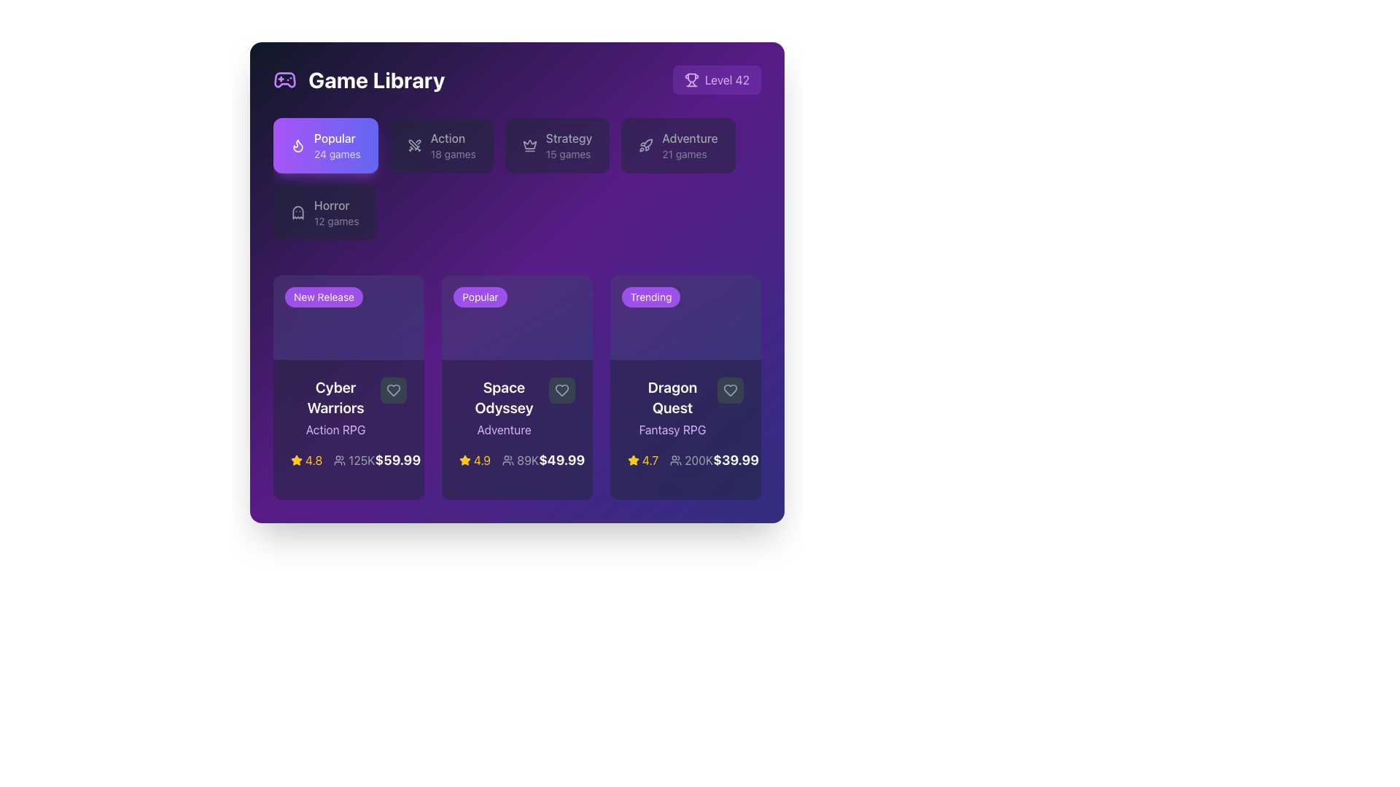 The image size is (1400, 787). What do you see at coordinates (561, 390) in the screenshot?
I see `the heart icon located at the top-right corner of the lower half of the 'Space Odyssey' card to mark the game as a favorite` at bounding box center [561, 390].